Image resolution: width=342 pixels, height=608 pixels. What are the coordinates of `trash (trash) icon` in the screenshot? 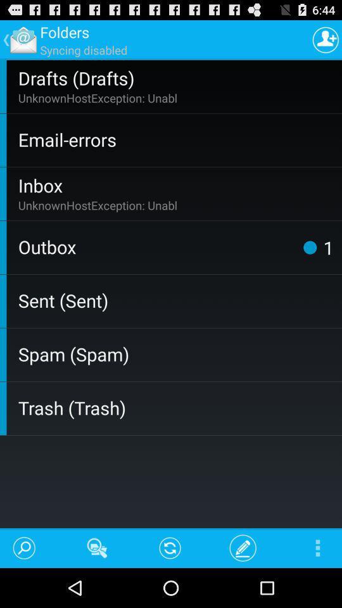 It's located at (177, 407).